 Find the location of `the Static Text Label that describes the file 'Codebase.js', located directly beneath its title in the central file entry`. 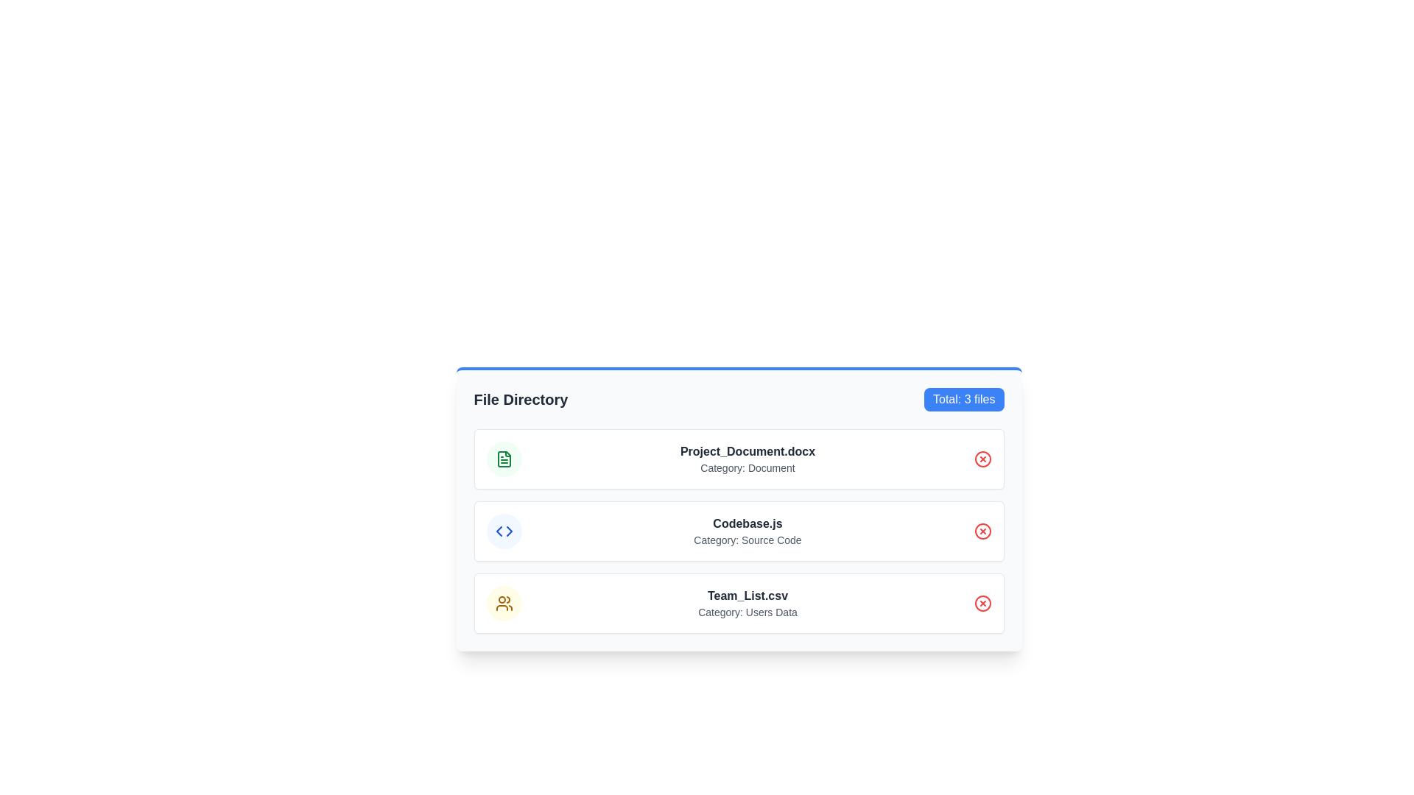

the Static Text Label that describes the file 'Codebase.js', located directly beneath its title in the central file entry is located at coordinates (748, 540).